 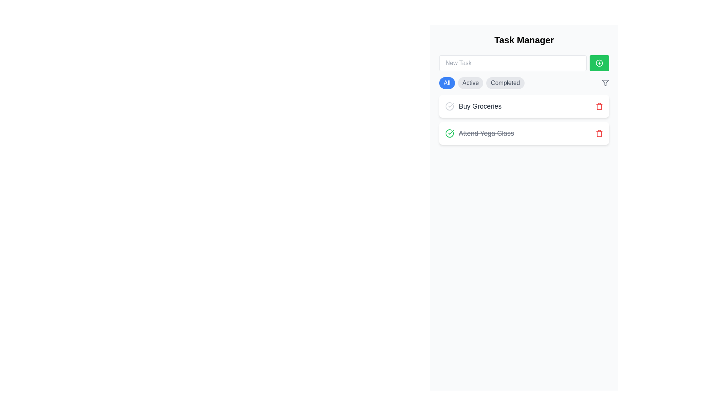 What do you see at coordinates (447, 83) in the screenshot?
I see `the filter button labeled 'All' at the top-center of the interface` at bounding box center [447, 83].